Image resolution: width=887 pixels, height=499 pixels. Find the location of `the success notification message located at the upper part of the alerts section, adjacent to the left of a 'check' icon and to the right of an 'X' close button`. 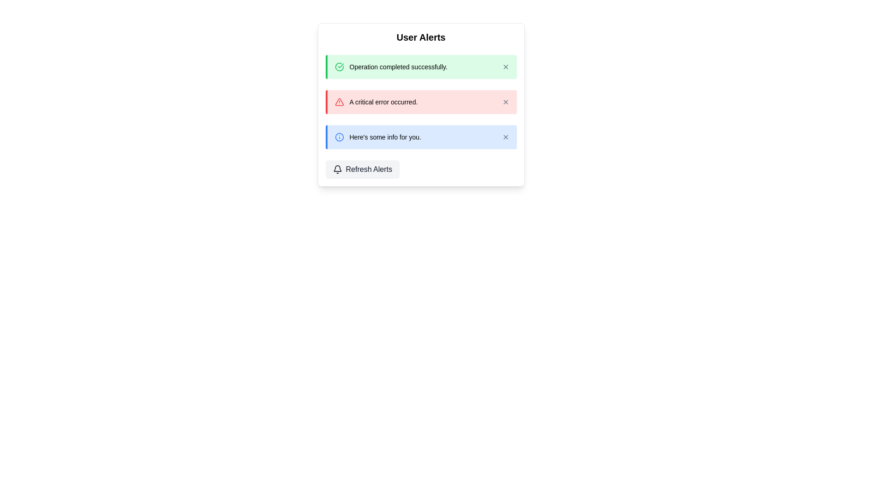

the success notification message located at the upper part of the alerts section, adjacent to the left of a 'check' icon and to the right of an 'X' close button is located at coordinates (398, 67).